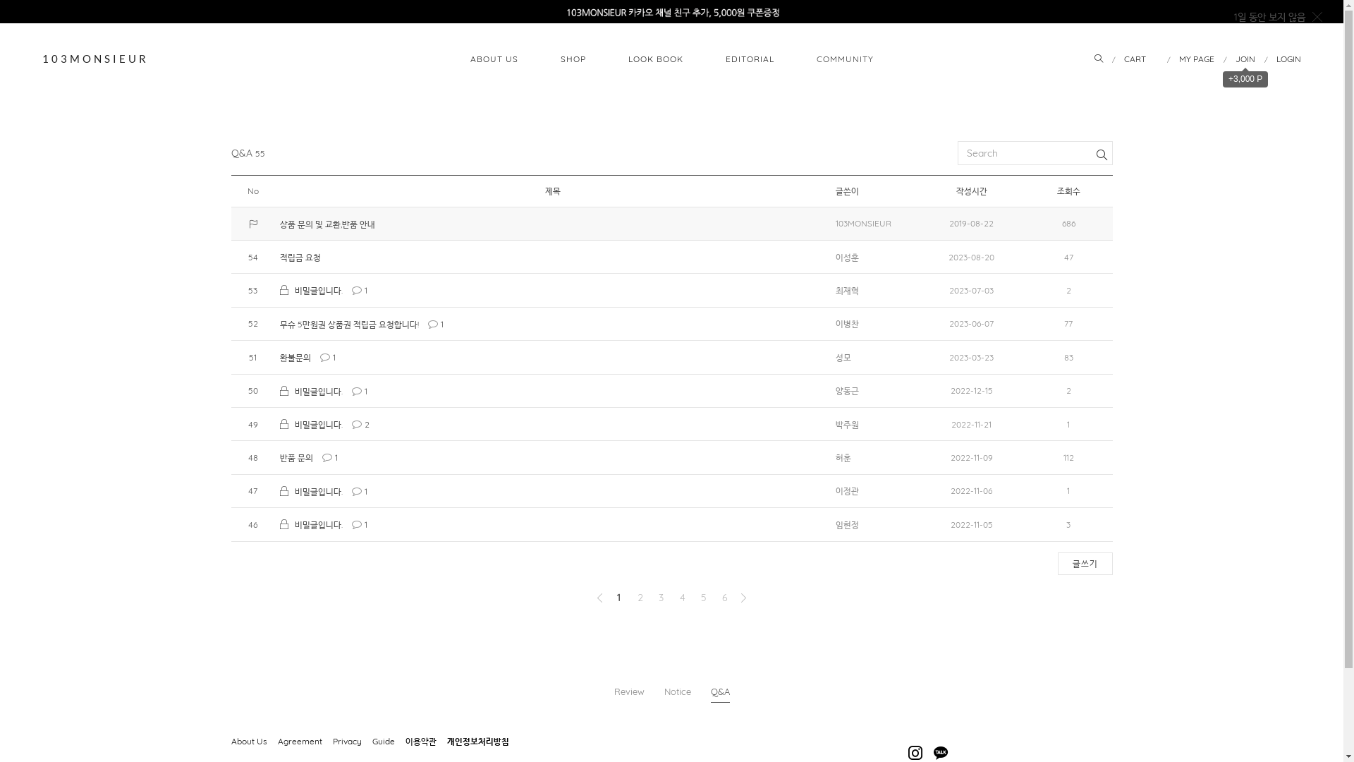 The width and height of the screenshot is (1354, 762). What do you see at coordinates (1288, 58) in the screenshot?
I see `'LOGIN'` at bounding box center [1288, 58].